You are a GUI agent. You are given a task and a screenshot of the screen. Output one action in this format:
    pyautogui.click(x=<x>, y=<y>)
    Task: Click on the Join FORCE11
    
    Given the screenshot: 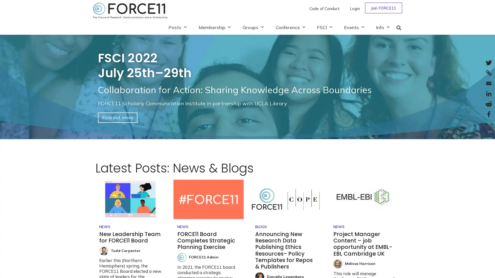 What is the action you would take?
    pyautogui.click(x=383, y=8)
    